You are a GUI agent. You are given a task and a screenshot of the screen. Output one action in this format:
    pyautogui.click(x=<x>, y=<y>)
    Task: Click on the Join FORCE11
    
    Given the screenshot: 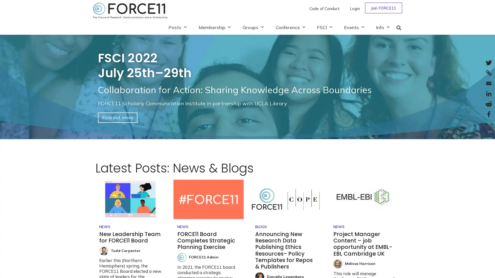 What is the action you would take?
    pyautogui.click(x=383, y=8)
    